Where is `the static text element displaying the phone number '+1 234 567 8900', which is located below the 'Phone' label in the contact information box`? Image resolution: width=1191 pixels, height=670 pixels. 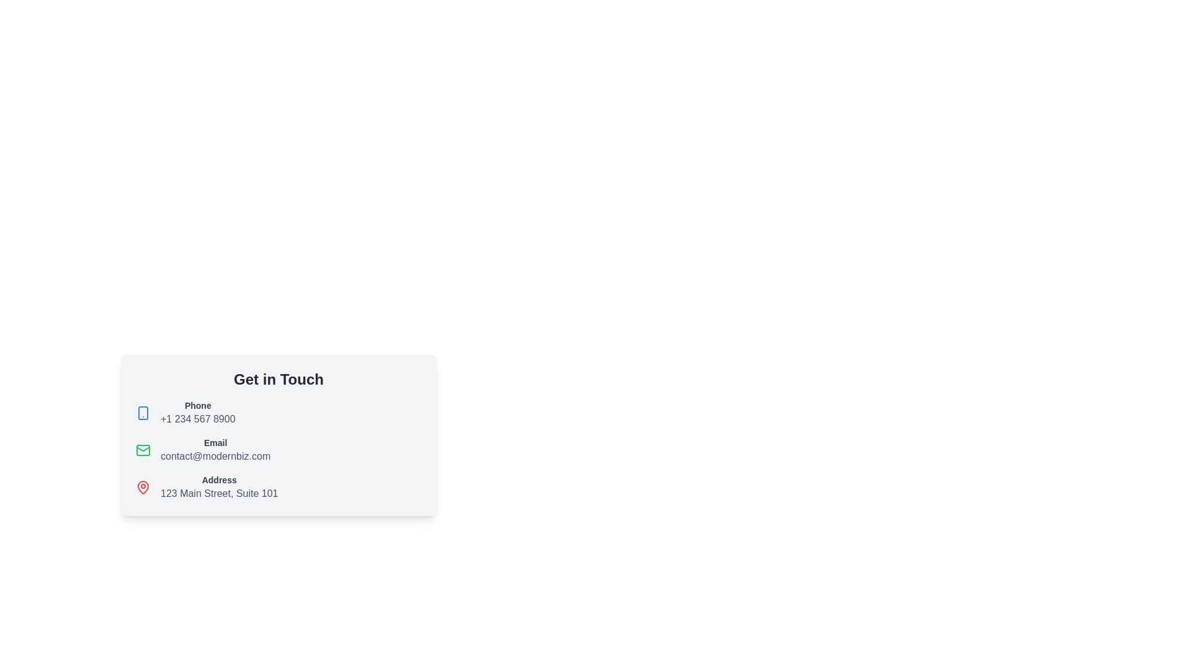
the static text element displaying the phone number '+1 234 567 8900', which is located below the 'Phone' label in the contact information box is located at coordinates (197, 419).